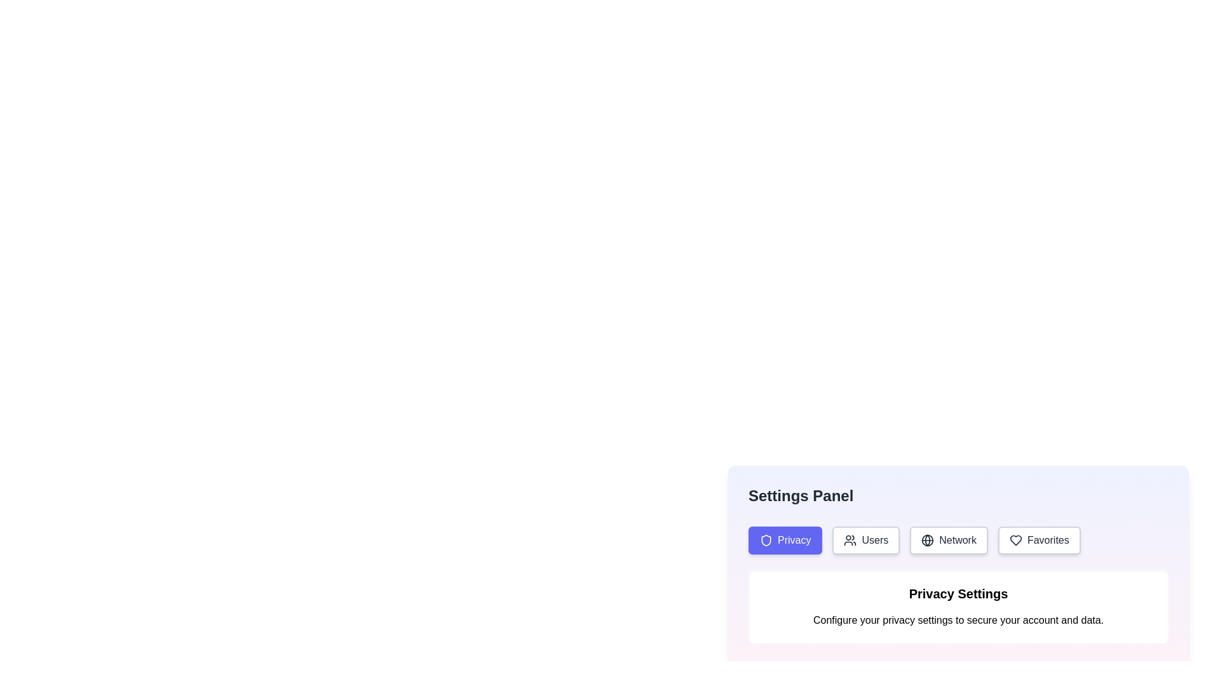 The height and width of the screenshot is (686, 1220). I want to click on the 'Network' button, which has a white background, rounded corners, and a gray border, so click(949, 541).